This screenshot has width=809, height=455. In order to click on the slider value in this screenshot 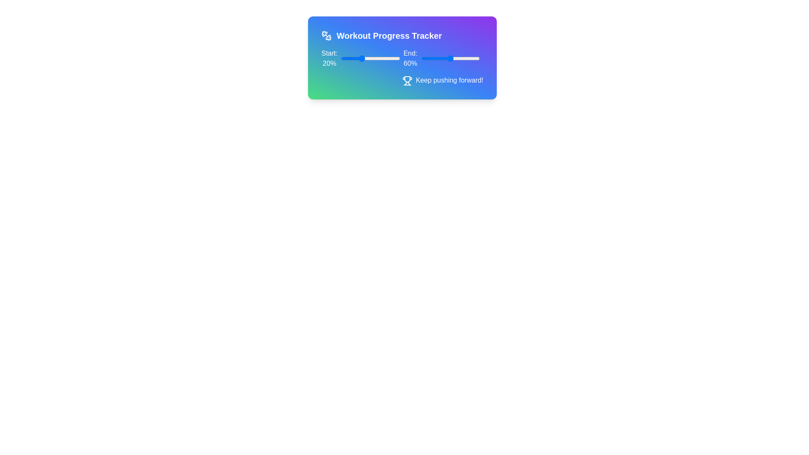, I will do `click(374, 58)`.